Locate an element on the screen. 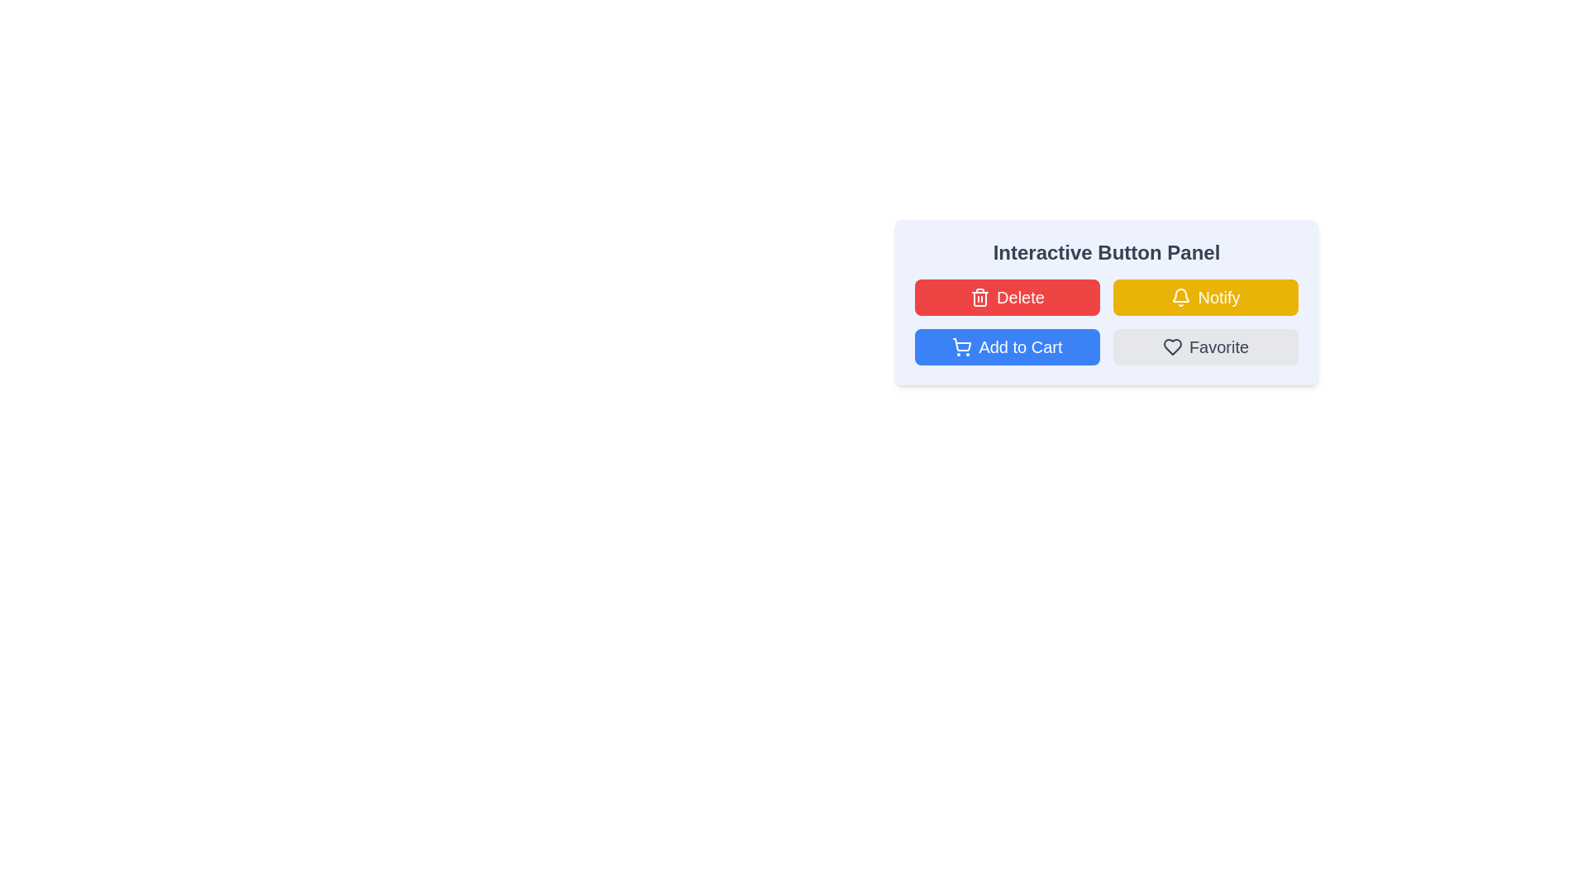 Image resolution: width=1587 pixels, height=893 pixels. the 'Add to Cart' button, which is a blue rectangular button with rounded corners displaying the text label 'Add to Cart' in white font, positioned in the second row of a horizontal button group is located at coordinates (1019, 346).